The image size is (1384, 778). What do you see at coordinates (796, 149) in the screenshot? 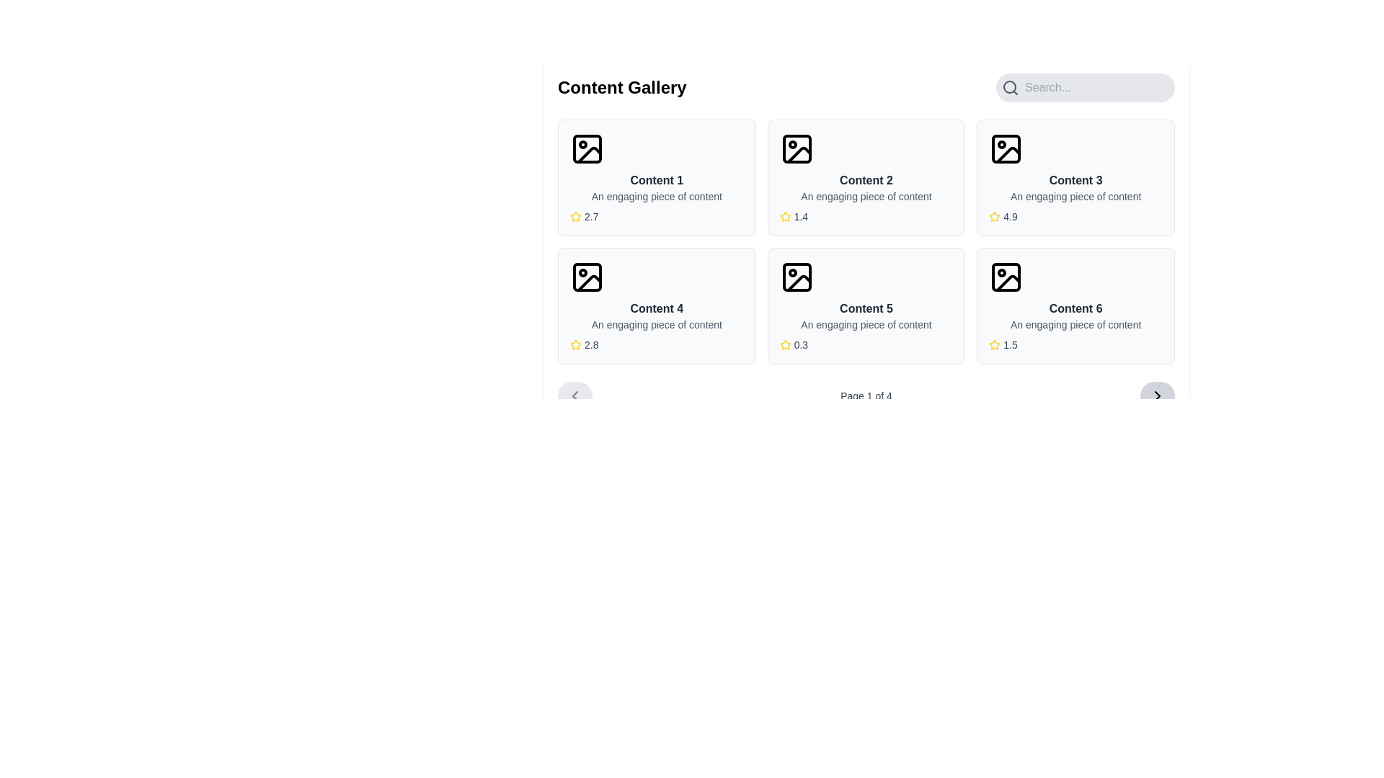
I see `the graphical icon component, which is a black rectangle with rounded corners located in the top-center card of the 'Content Gallery' grid layout` at bounding box center [796, 149].